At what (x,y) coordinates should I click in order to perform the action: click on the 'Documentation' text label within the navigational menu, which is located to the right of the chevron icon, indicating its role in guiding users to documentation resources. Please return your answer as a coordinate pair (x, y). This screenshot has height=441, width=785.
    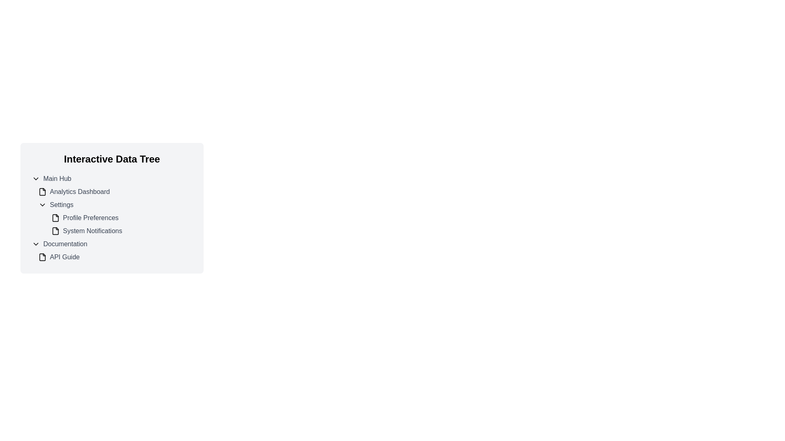
    Looking at the image, I should click on (65, 243).